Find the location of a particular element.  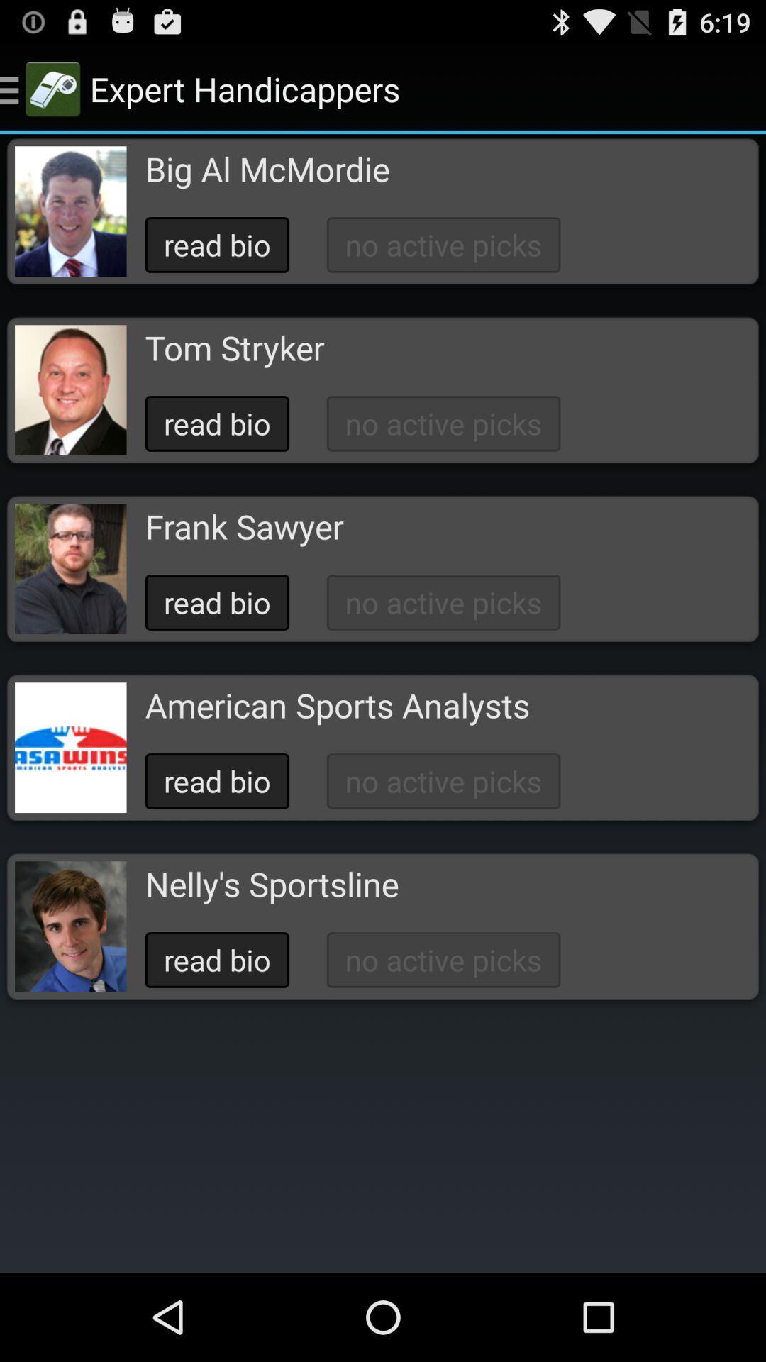

the american sports analysts app is located at coordinates (337, 705).